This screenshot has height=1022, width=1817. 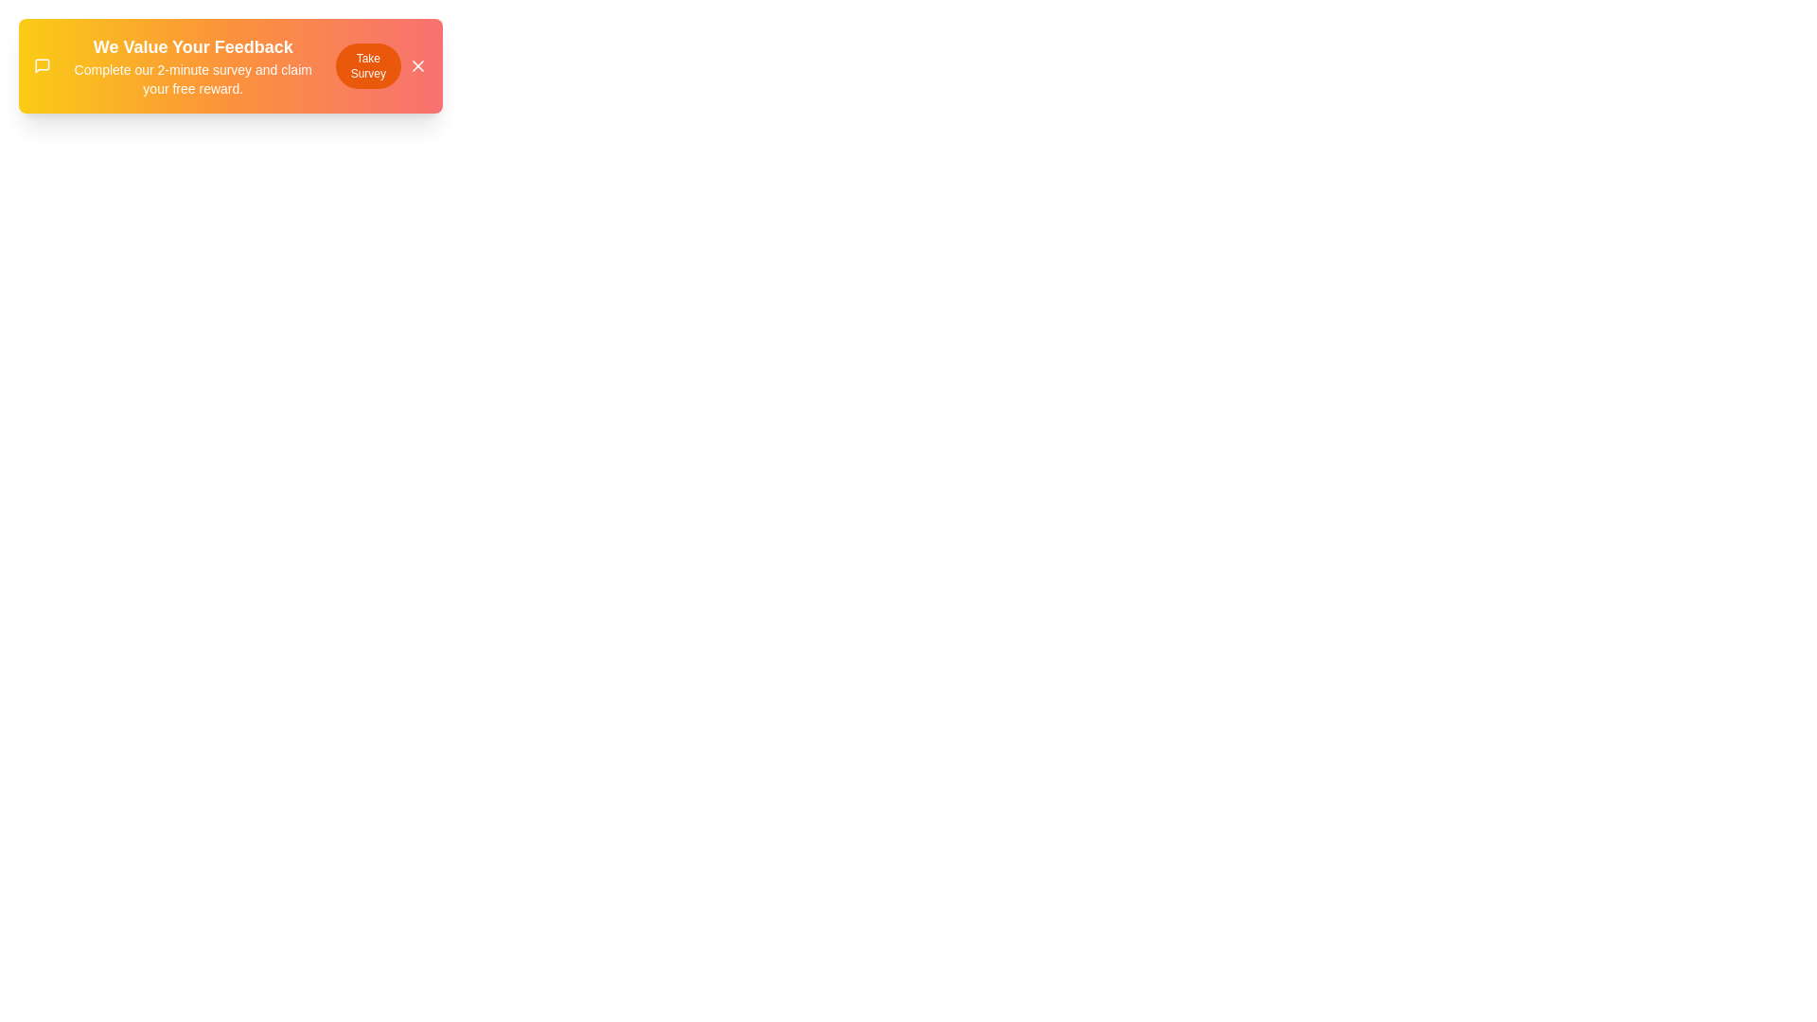 I want to click on the 'Take Survey' button to initiate the survey, so click(x=367, y=64).